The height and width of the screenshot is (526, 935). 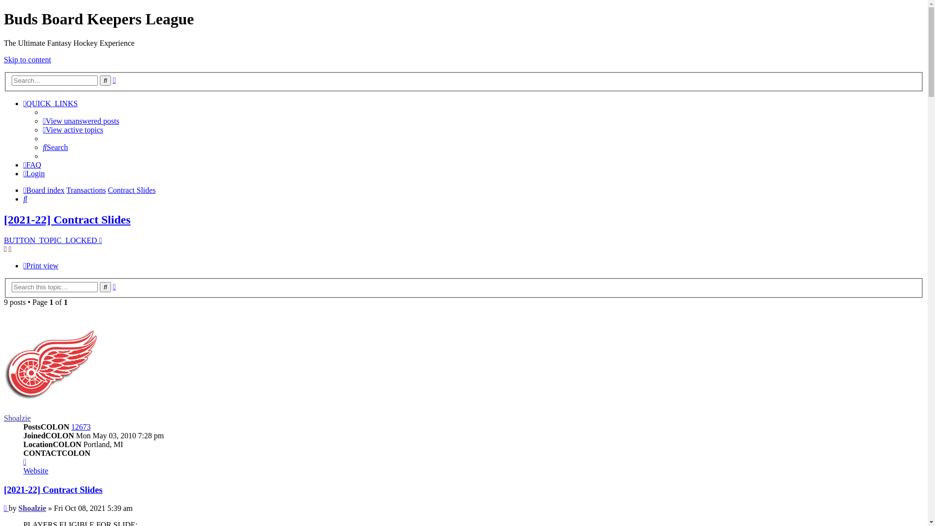 What do you see at coordinates (7, 248) in the screenshot?
I see `'TOPIC_TOOLS'` at bounding box center [7, 248].